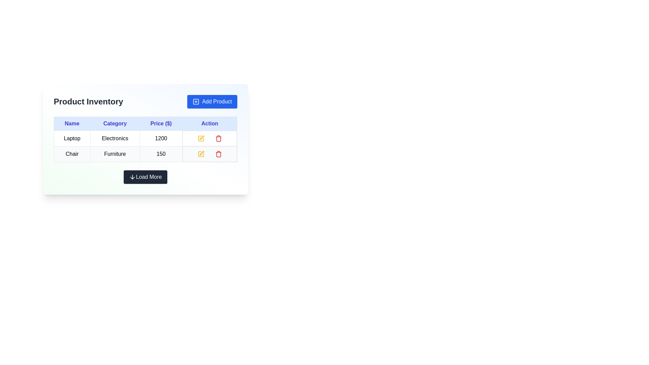 The image size is (649, 365). Describe the element at coordinates (218, 139) in the screenshot. I see `the delete button associated with the second row of the action column in the product inventory table, which is part of a red-colored trash bin icon` at that location.